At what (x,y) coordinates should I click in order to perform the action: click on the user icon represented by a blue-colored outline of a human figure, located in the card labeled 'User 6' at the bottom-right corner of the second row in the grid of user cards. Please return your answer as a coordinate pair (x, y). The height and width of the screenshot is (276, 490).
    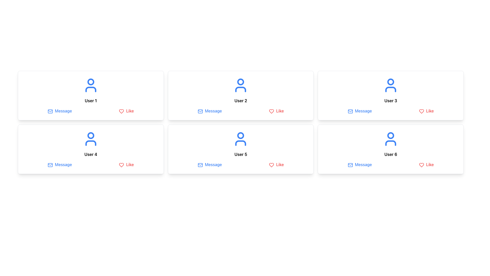
    Looking at the image, I should click on (390, 139).